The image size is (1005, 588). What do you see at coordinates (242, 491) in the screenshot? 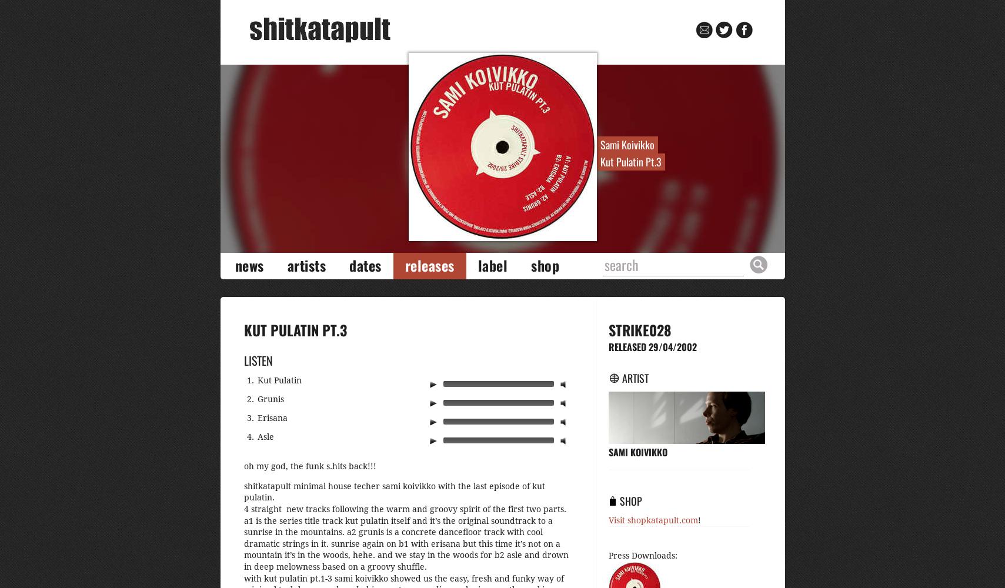
I see `'shitkatapult minimal house techer sami koivikko with the last episode of kut pulatin.'` at bounding box center [242, 491].